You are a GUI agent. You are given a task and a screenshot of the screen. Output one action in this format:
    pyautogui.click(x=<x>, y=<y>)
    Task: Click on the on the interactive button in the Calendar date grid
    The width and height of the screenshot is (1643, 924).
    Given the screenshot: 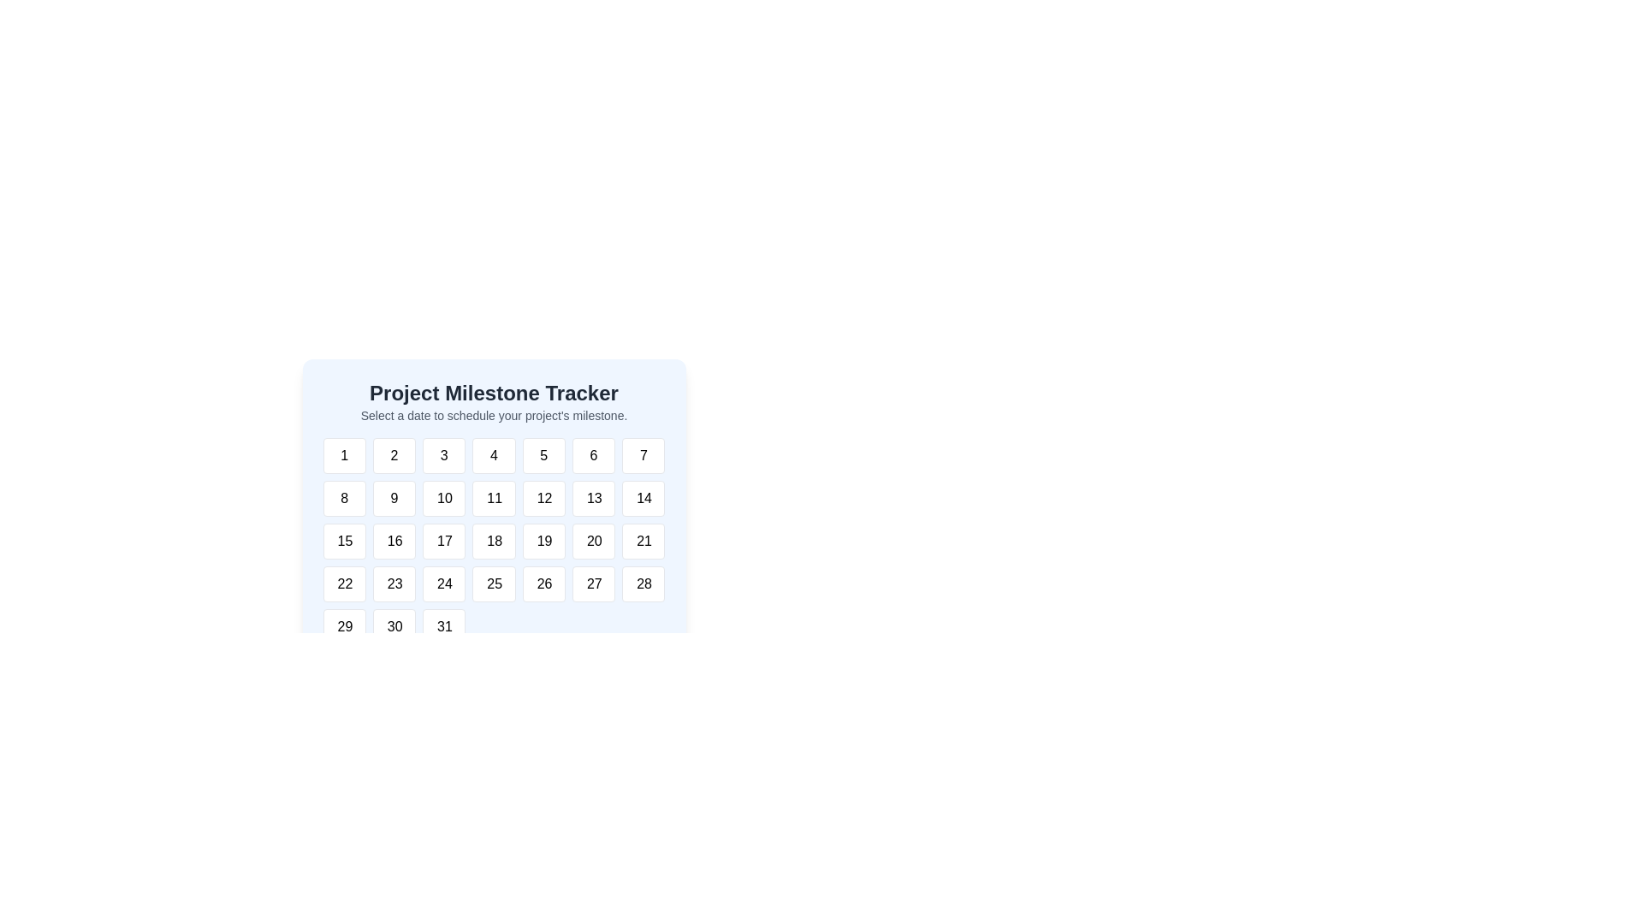 What is the action you would take?
    pyautogui.click(x=493, y=541)
    